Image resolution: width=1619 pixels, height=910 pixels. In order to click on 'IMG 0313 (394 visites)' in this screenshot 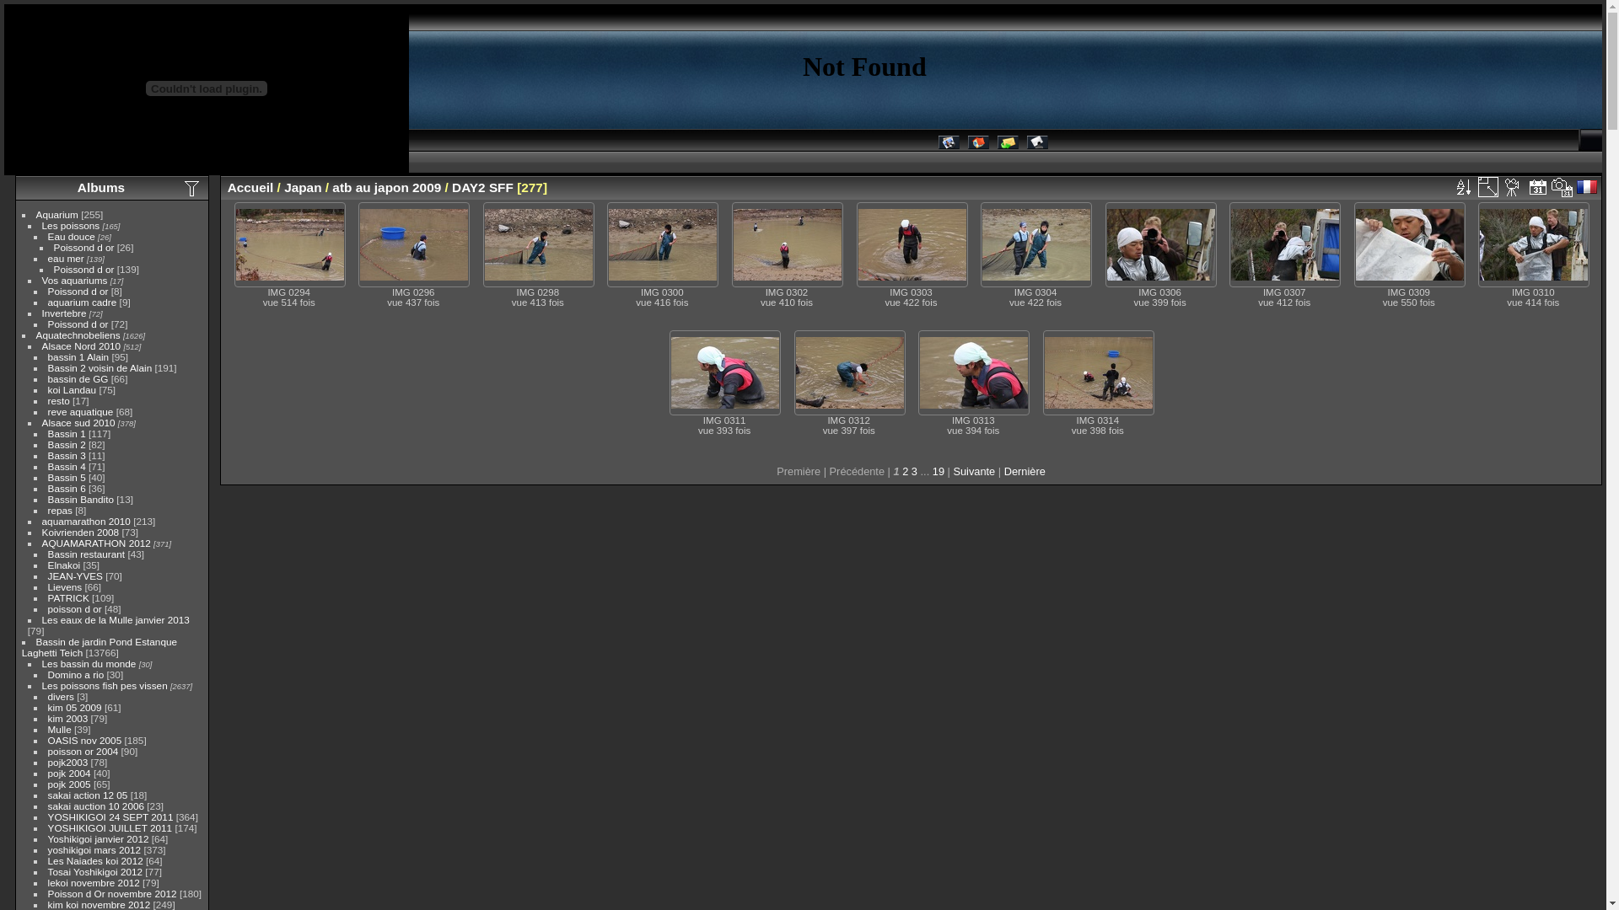, I will do `click(974, 372)`.